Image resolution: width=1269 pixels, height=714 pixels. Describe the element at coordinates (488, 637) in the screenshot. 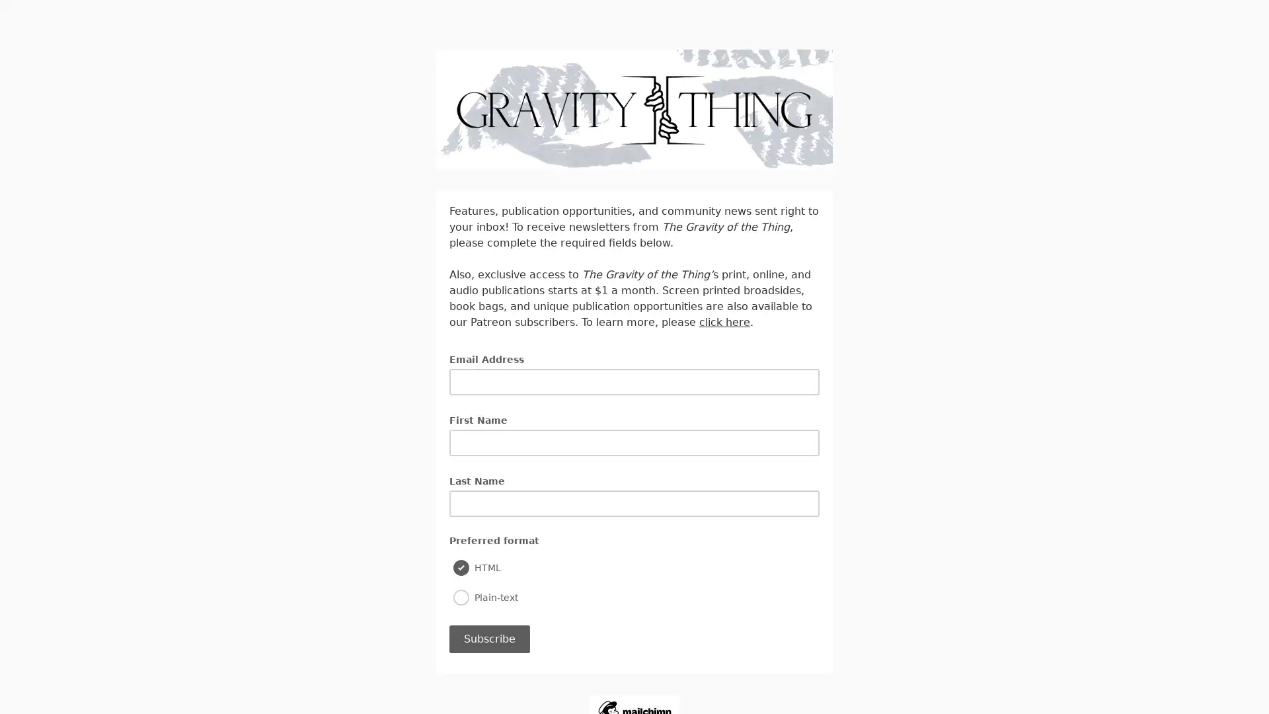

I see `Subscribe` at that location.